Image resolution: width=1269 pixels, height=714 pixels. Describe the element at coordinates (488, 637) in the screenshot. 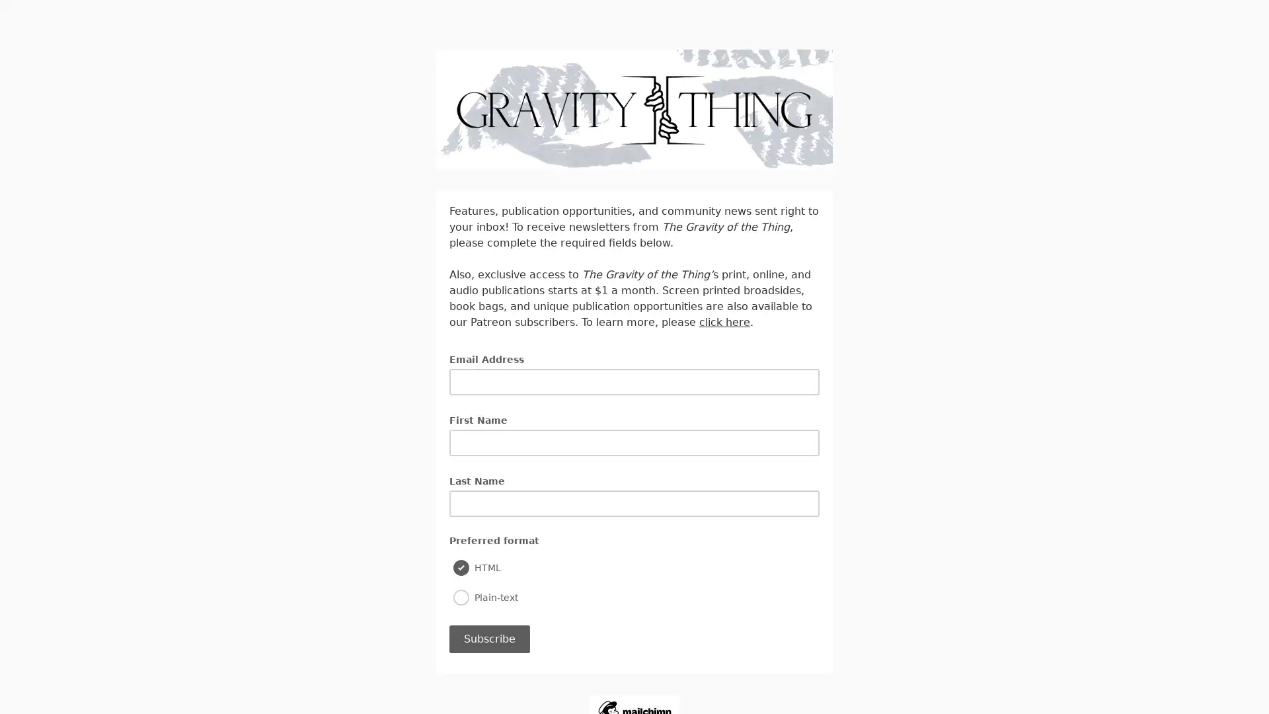

I see `Subscribe` at that location.